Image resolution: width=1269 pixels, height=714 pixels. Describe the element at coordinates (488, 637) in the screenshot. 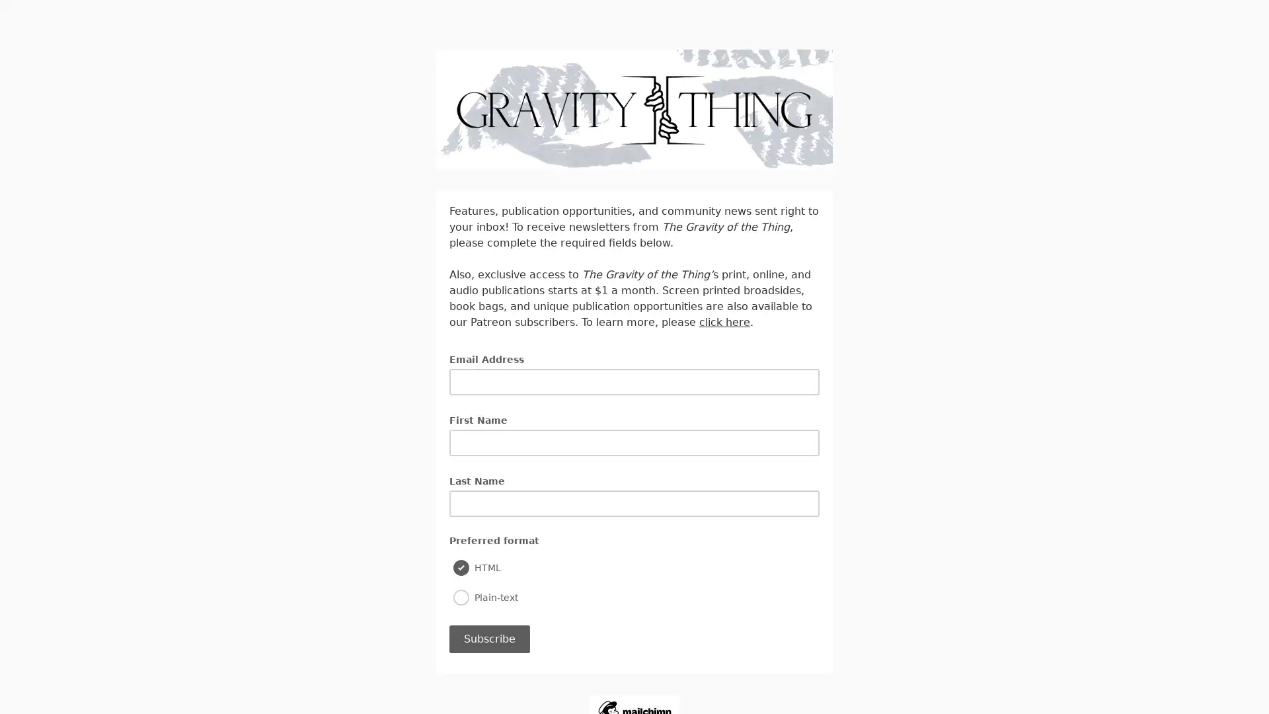

I see `Subscribe` at that location.